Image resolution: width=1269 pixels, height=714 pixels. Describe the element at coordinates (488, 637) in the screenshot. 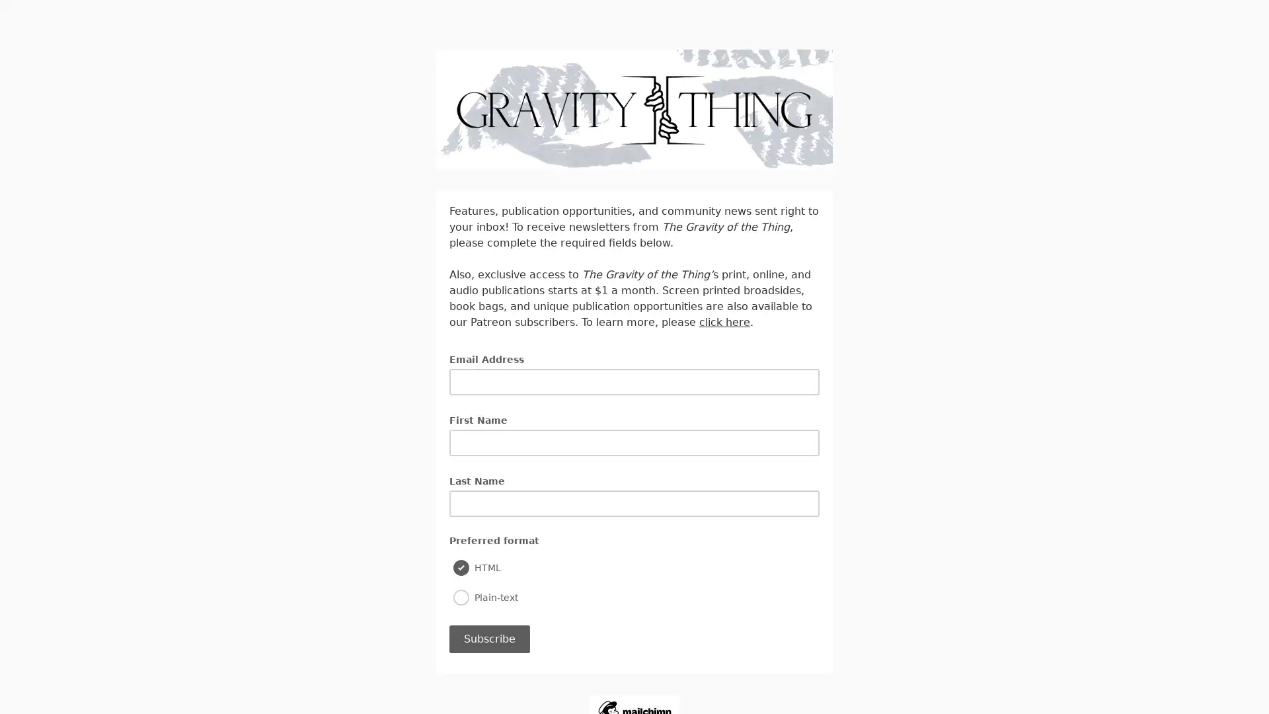

I see `Subscribe` at that location.